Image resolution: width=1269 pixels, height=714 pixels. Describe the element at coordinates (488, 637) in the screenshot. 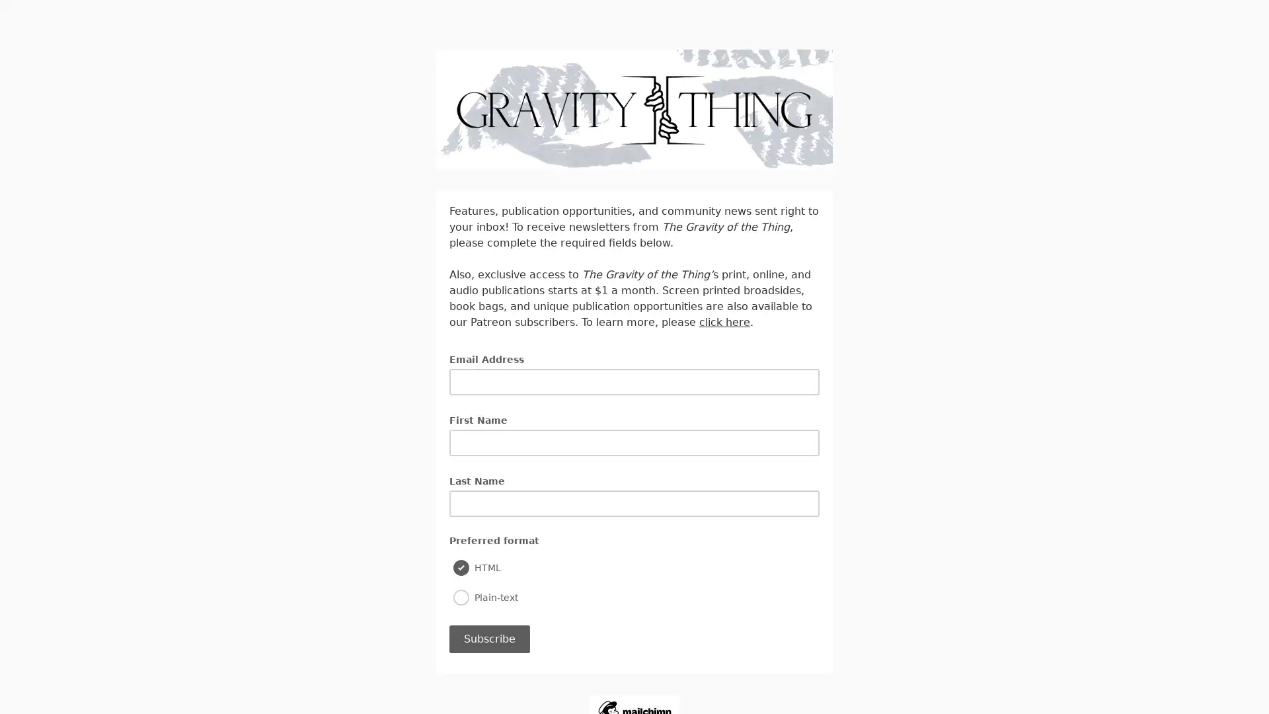

I see `Subscribe` at that location.